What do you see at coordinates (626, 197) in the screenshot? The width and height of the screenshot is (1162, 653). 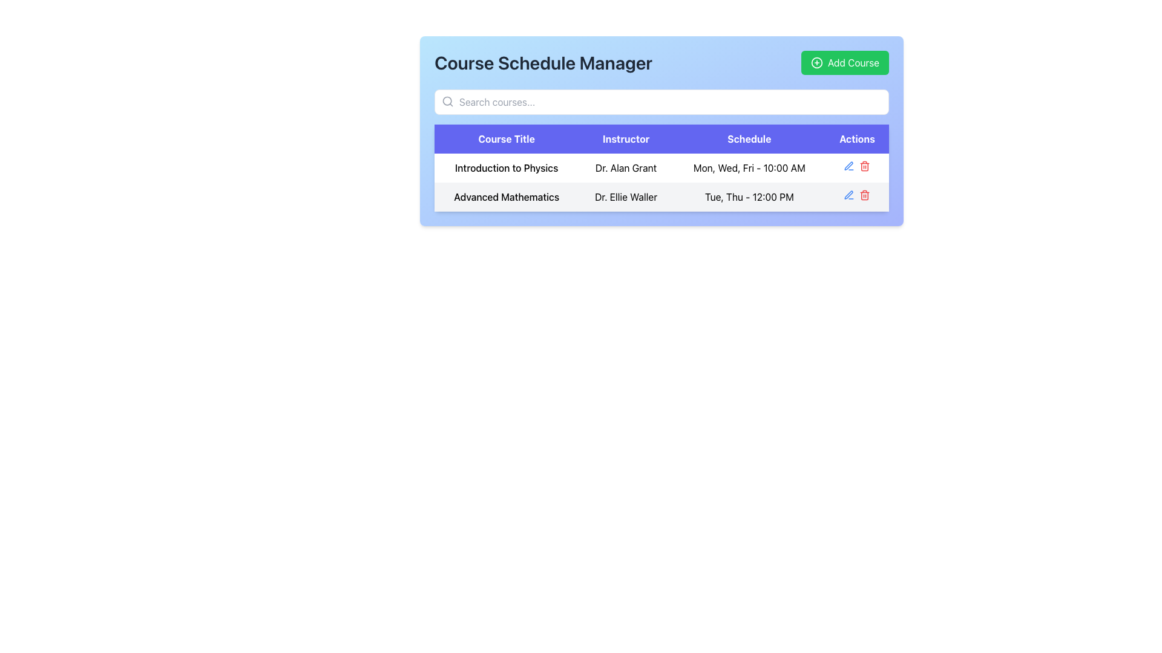 I see `the label displaying 'Dr. Ellie Waller', which is centrally aligned and positioned between 'Advanced Mathematics' and 'Tue, Thu - 12:00 PM' in the 'Instructor' column of the table` at bounding box center [626, 197].